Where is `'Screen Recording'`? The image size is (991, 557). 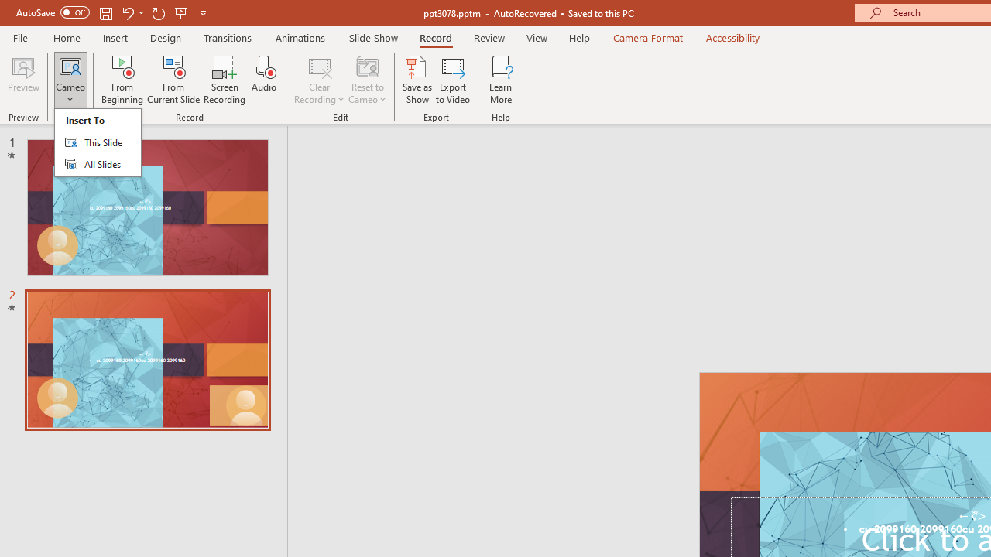
'Screen Recording' is located at coordinates (224, 80).